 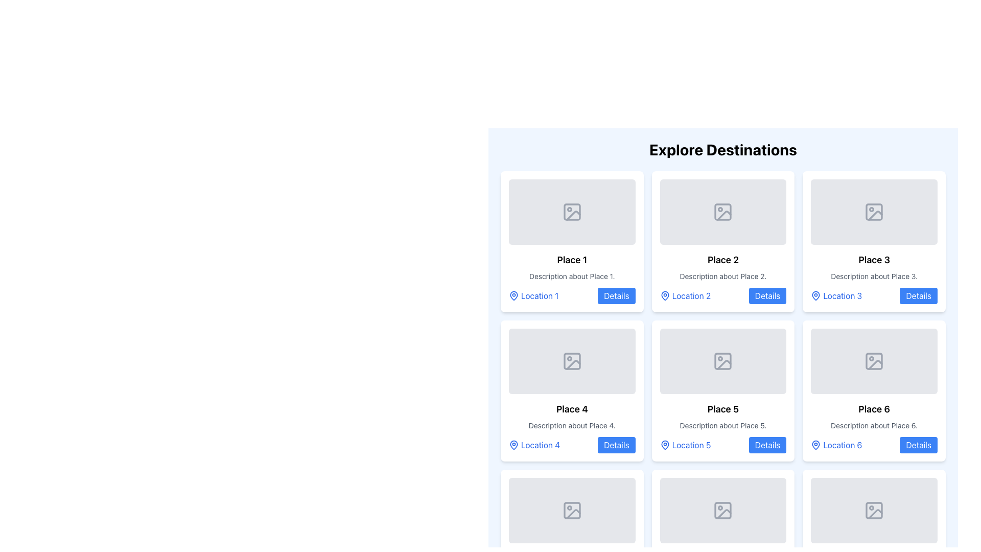 I want to click on the heart-shaped icon representing a location pin above the text 'Location 4' within the 'Place 4' card, so click(x=514, y=444).